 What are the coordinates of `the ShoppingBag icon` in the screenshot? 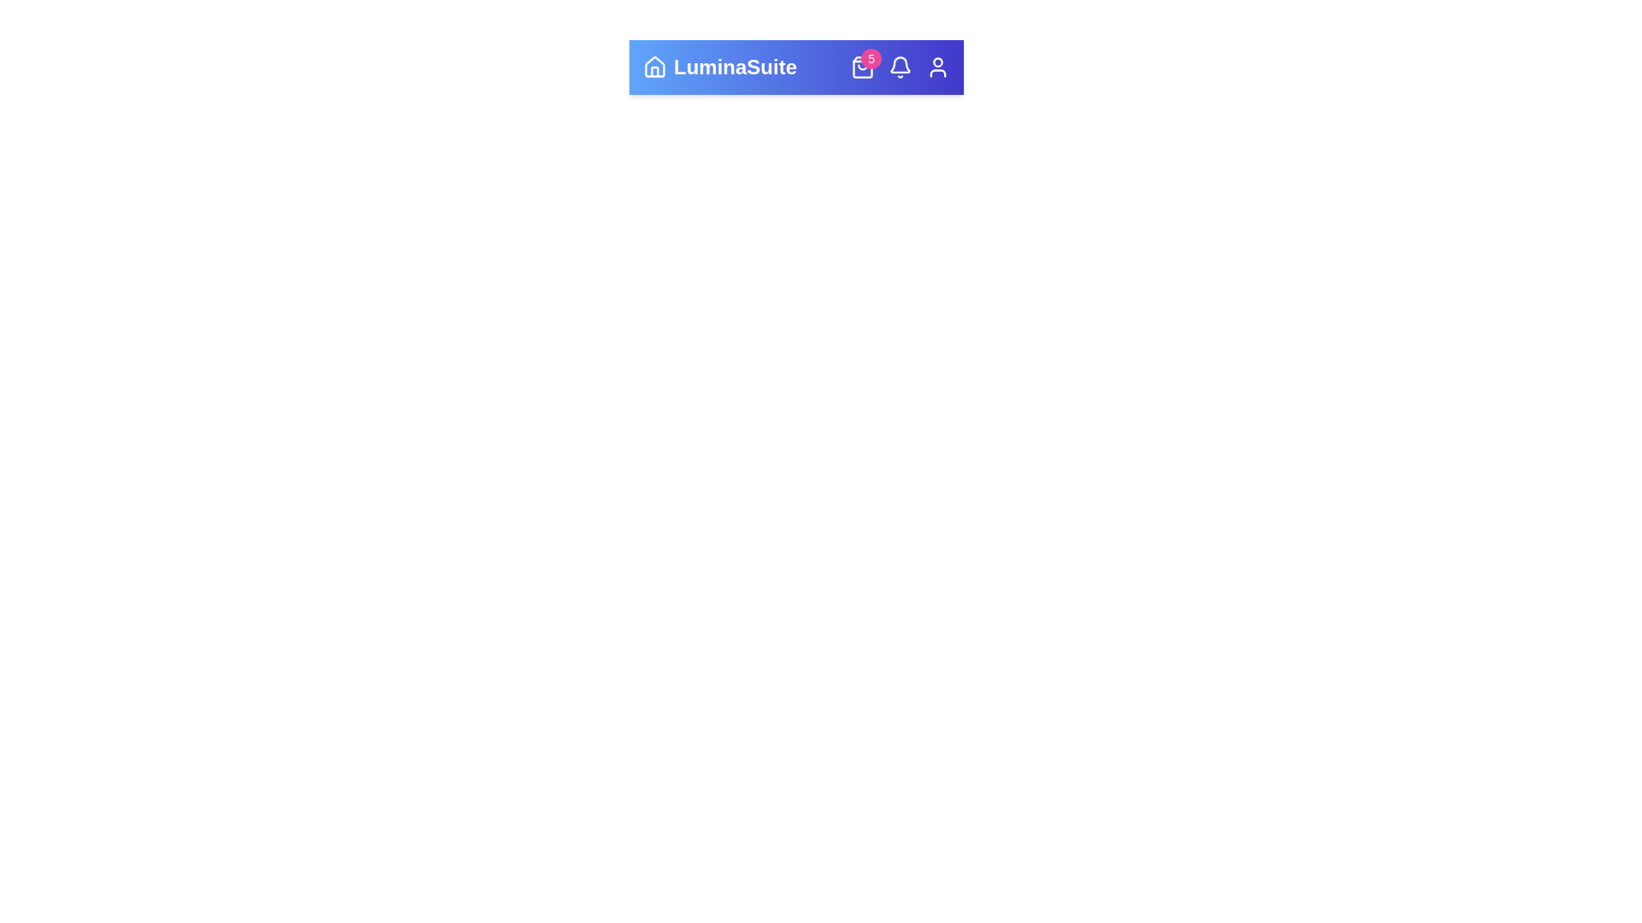 It's located at (862, 66).